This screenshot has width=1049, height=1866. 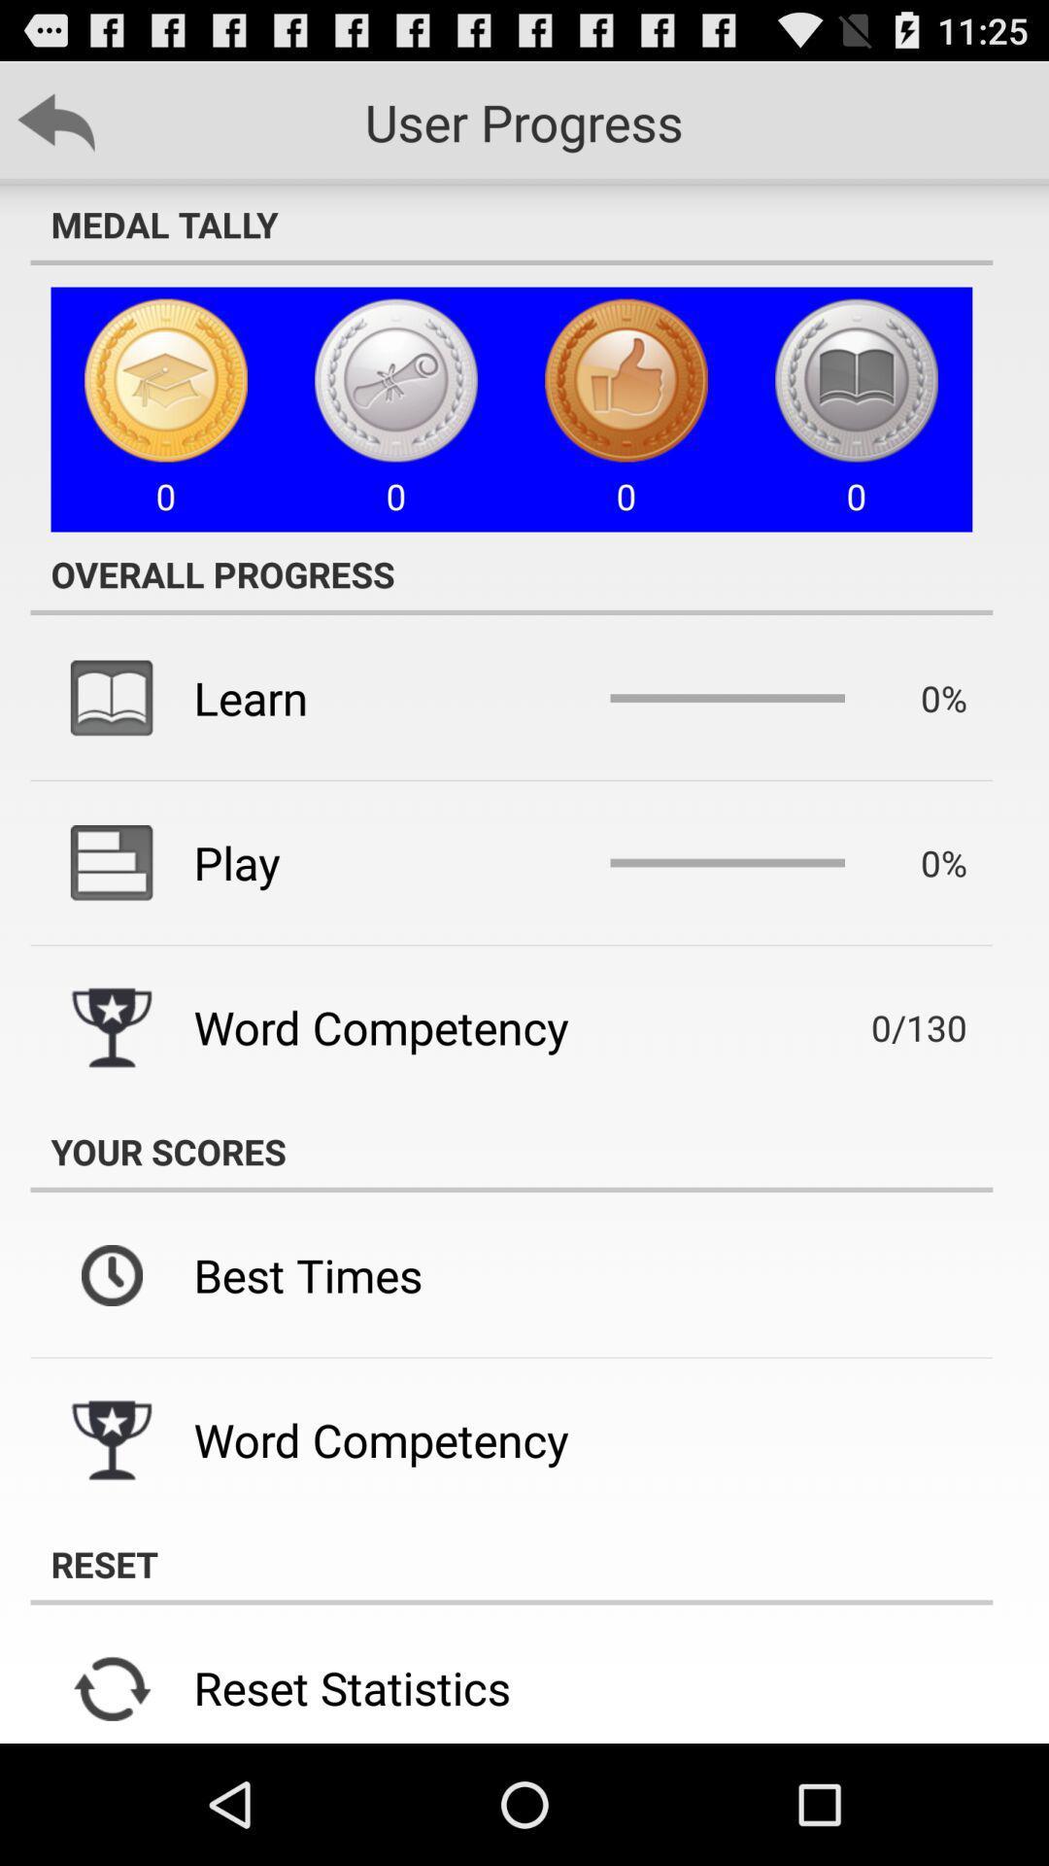 I want to click on item below the overall progress icon, so click(x=250, y=698).